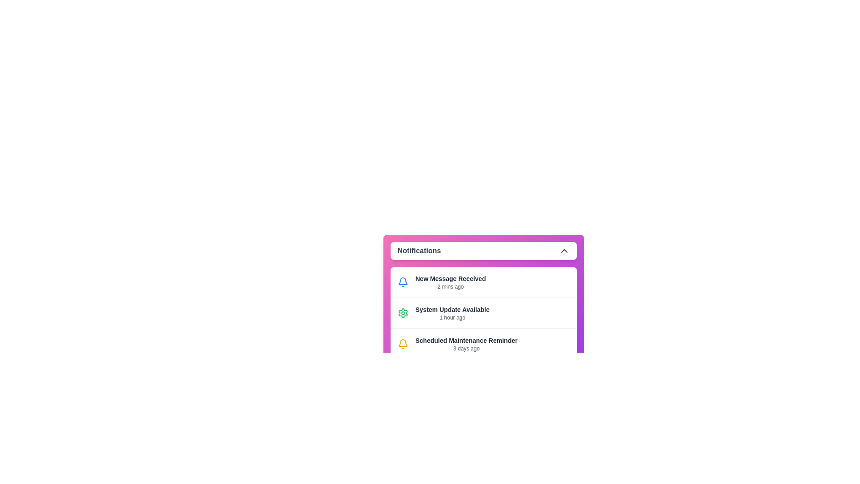 The width and height of the screenshot is (860, 484). What do you see at coordinates (563, 251) in the screenshot?
I see `the chevron-up icon button located at the top right corner of the notifications card` at bounding box center [563, 251].